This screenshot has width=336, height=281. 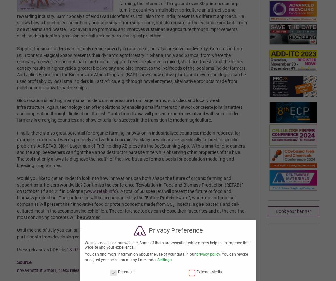 I want to click on 'Would you like to get an in-depth look into how innovations can both shape the future of organic farming and support smallholders worldwide? Don’t miss the conference “Revolution in Food and Biomass Production (REFAB)” on October 1', so click(x=16, y=185).